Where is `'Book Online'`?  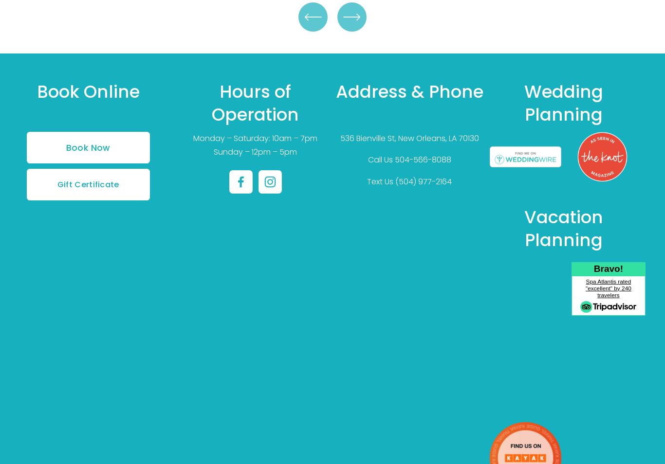
'Book Online' is located at coordinates (87, 90).